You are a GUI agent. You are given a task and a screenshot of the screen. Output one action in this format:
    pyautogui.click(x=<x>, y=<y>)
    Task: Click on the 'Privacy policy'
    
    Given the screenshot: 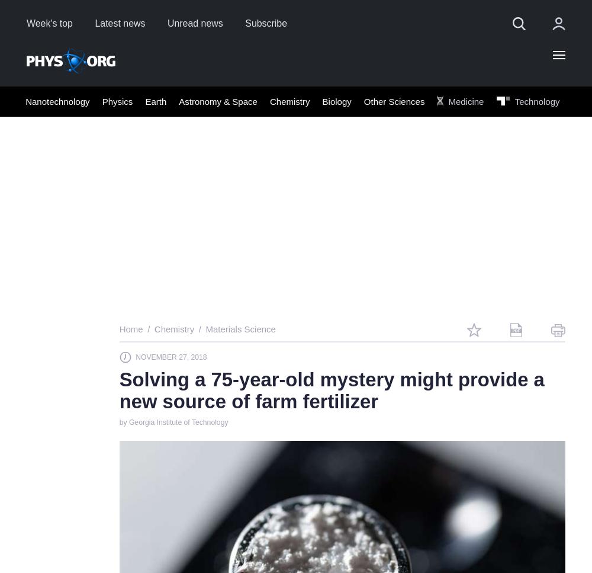 What is the action you would take?
    pyautogui.click(x=229, y=526)
    